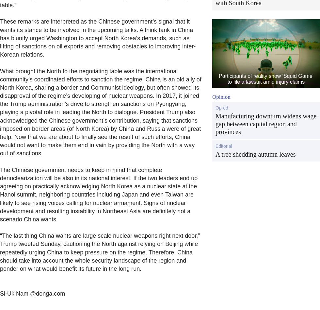 The image size is (320, 310). I want to click on 'These remarks are interpreted as the Chinese government’s signal that it wants its stance to be involved in the upcoming talks. A think tank in China has bluntly urged Washington to accept North Korea’s demands, such as lifting of sanctions on oil exports and removing obstacles to improving inter-Korean relations.', so click(98, 38).